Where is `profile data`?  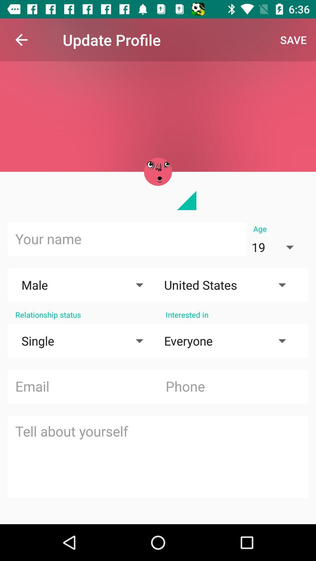
profile data is located at coordinates (158, 457).